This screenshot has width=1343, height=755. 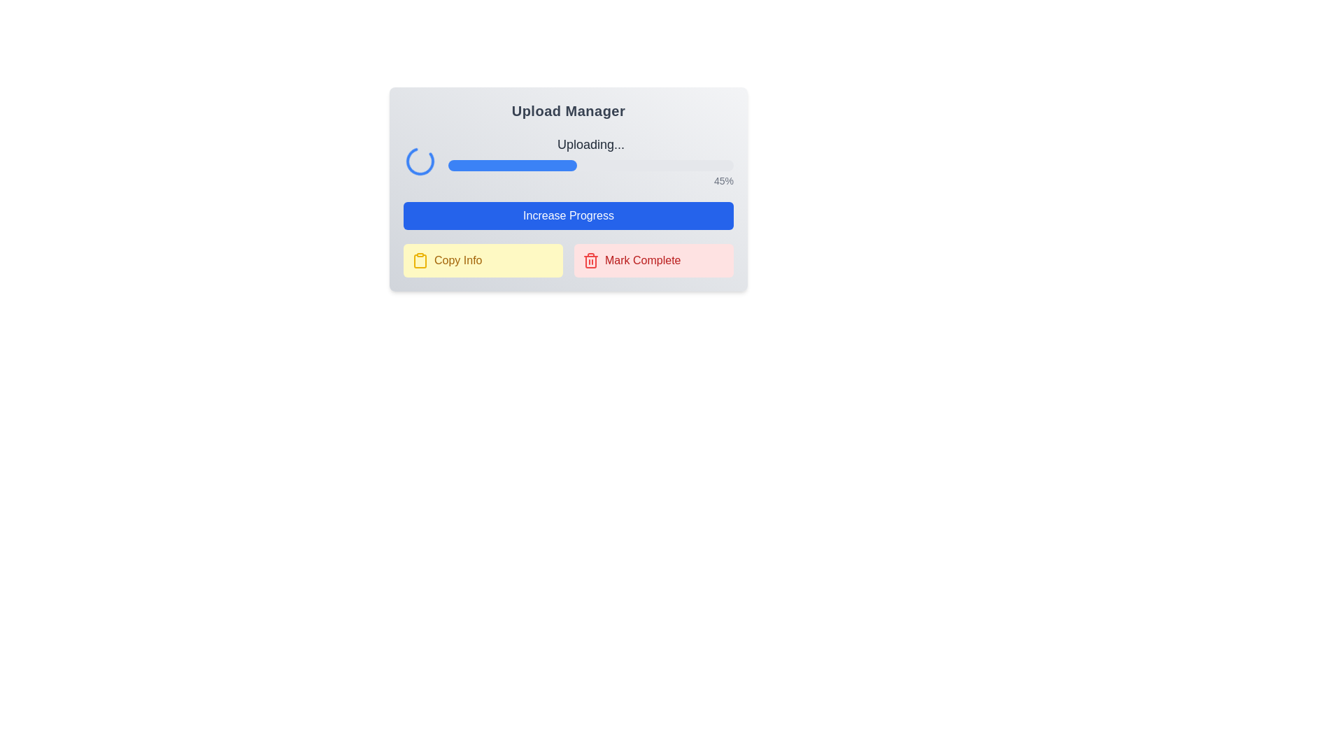 What do you see at coordinates (458, 261) in the screenshot?
I see `the content of the 'Copy Info' label which is styled with medium-weight yellow text and is part of the leftmost button below the main progress bar` at bounding box center [458, 261].